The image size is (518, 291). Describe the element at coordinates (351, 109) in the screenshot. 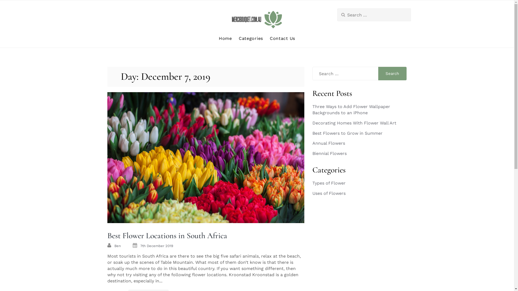

I see `'Three Ways to Add Flower Wallpaper Backgrounds to an iPhone'` at that location.